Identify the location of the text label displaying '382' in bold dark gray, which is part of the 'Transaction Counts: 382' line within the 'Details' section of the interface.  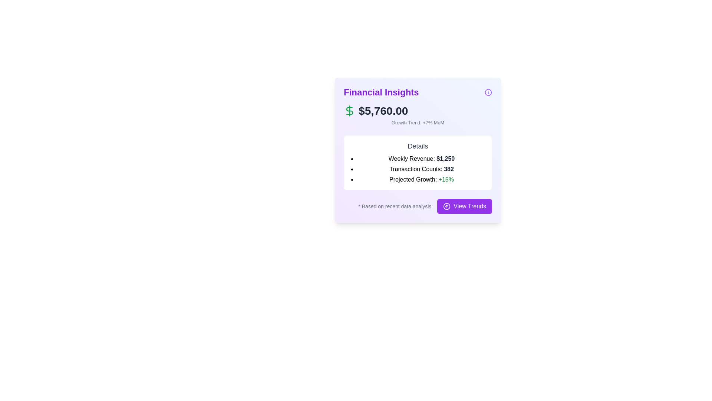
(448, 169).